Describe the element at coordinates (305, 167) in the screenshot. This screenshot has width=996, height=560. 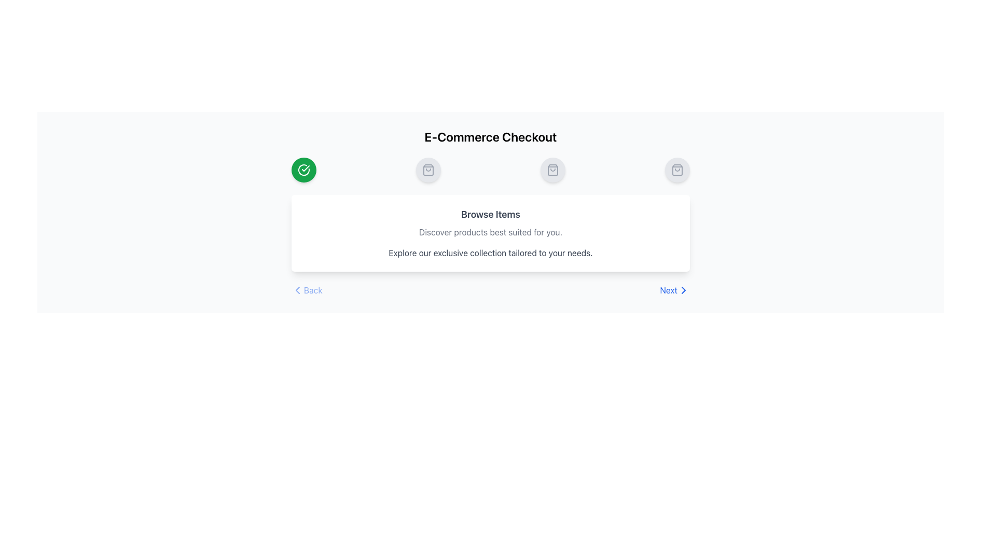
I see `the state of the checkmark symbol located within the first green circular step indicator, which is positioned in the upper left of the interface` at that location.